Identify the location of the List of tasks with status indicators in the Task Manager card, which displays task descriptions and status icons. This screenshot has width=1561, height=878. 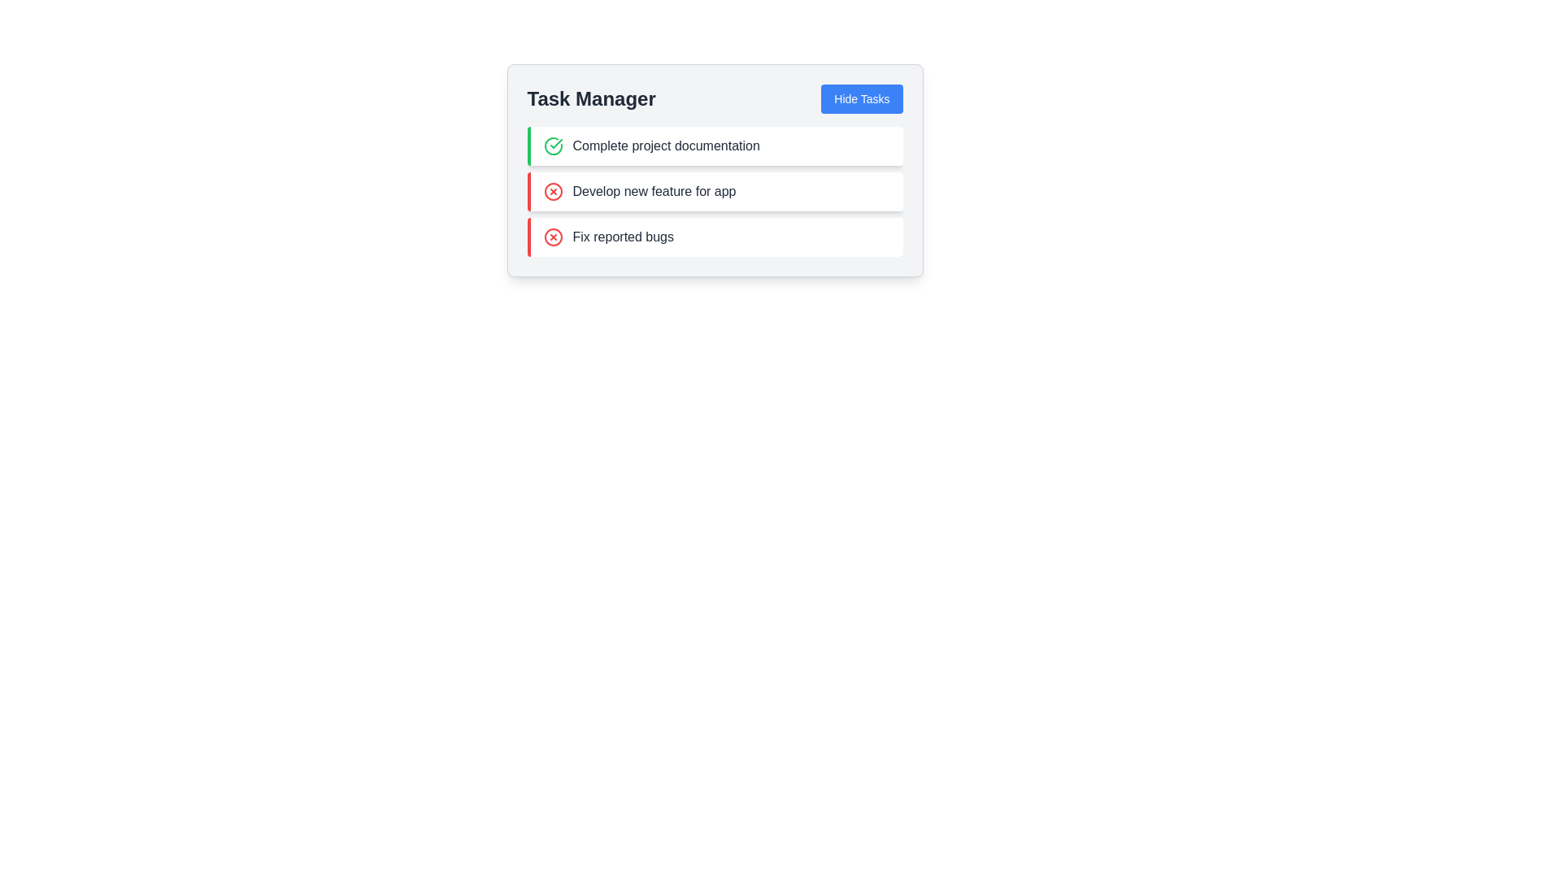
(715, 190).